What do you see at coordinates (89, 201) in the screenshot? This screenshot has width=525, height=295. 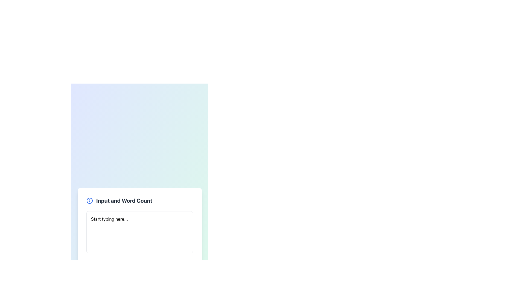 I see `the main circular part of the 'info' icon, which is a blue SVG Circle with a 10-pixel radius, located at the top-left corner of the 'Input and Word Count' interface block` at bounding box center [89, 201].